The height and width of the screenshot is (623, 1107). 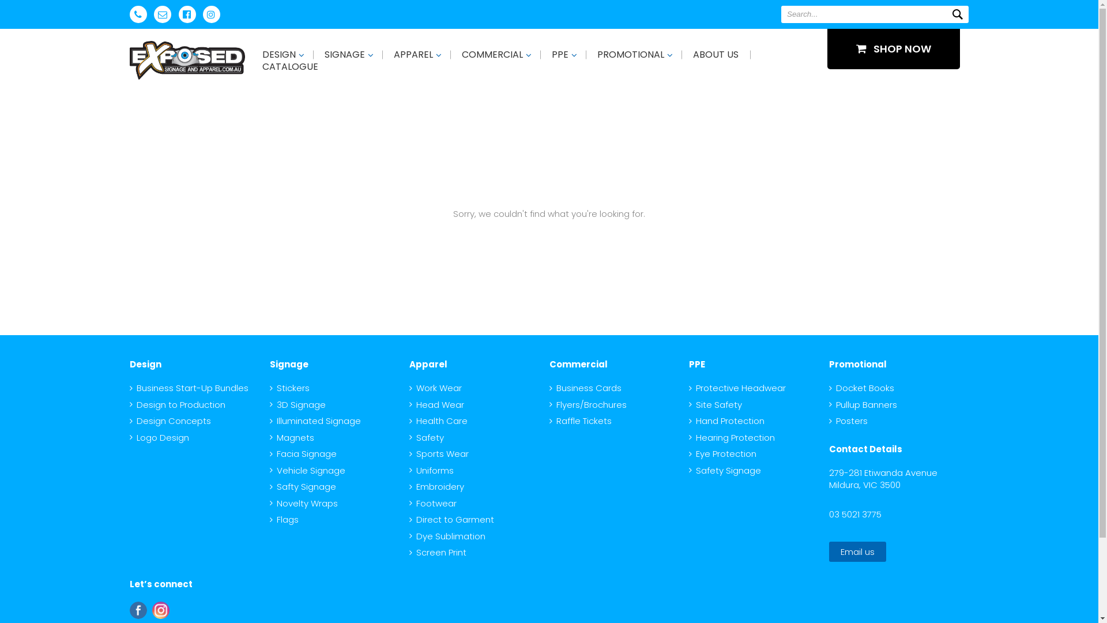 What do you see at coordinates (413, 54) in the screenshot?
I see `'APPAREL'` at bounding box center [413, 54].